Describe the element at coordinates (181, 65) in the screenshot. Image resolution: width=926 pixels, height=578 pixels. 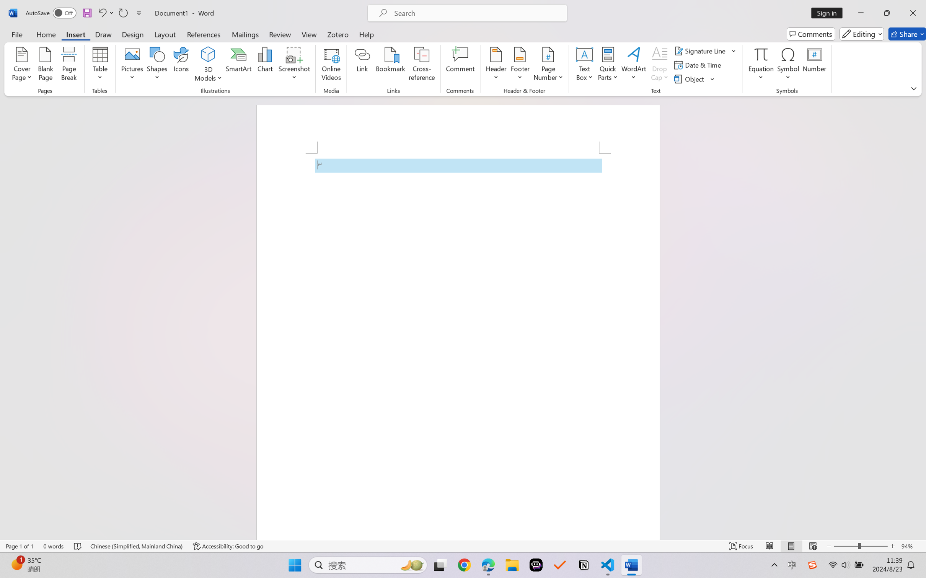
I see `'Icons'` at that location.